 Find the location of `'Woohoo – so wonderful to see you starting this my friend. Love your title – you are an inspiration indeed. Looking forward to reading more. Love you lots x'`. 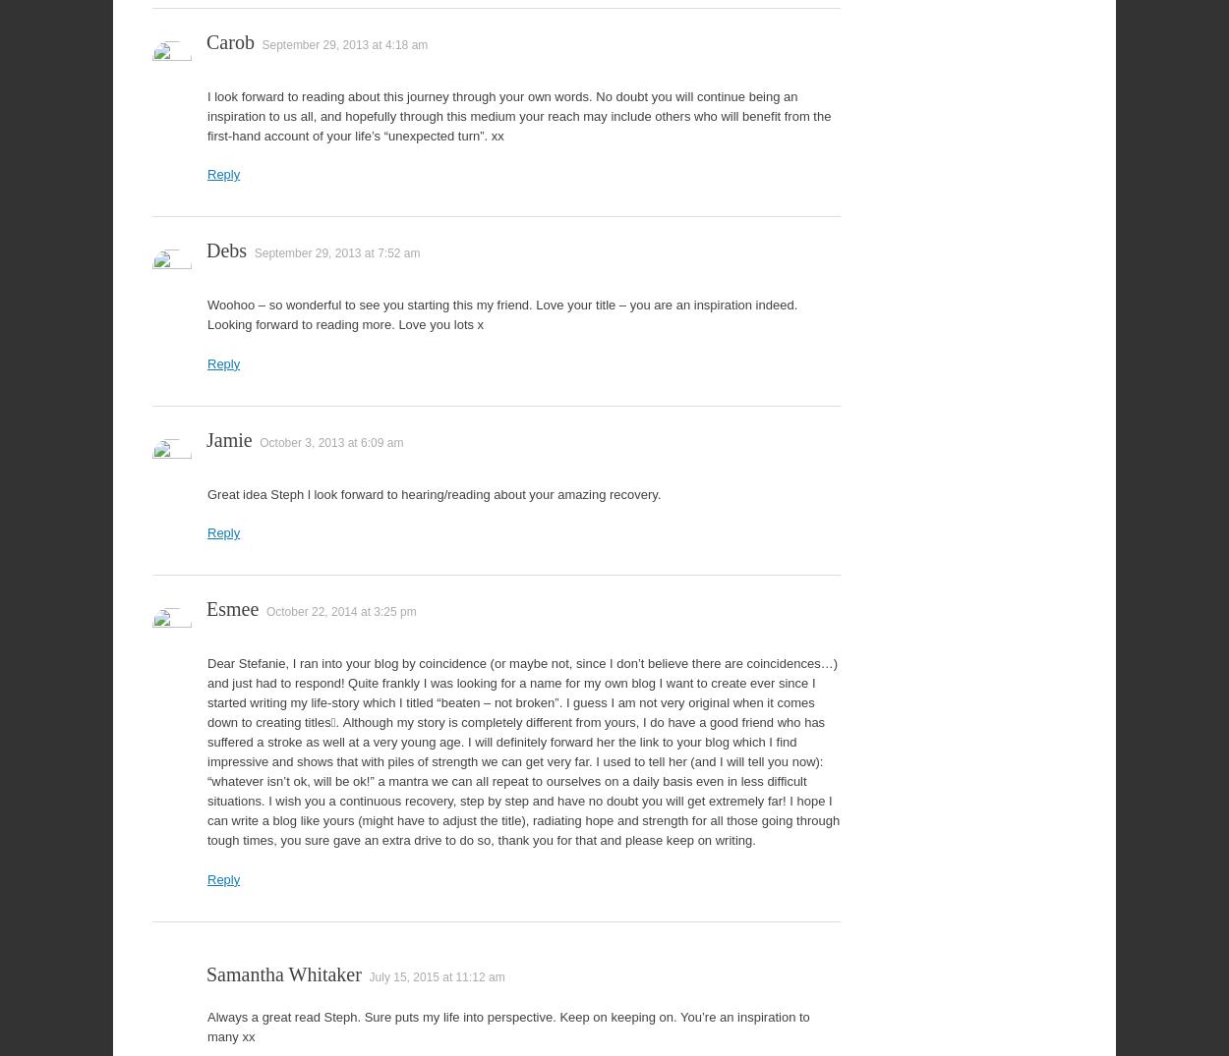

'Woohoo – so wonderful to see you starting this my friend. Love your title – you are an inspiration indeed. Looking forward to reading more. Love you lots x' is located at coordinates (502, 313).